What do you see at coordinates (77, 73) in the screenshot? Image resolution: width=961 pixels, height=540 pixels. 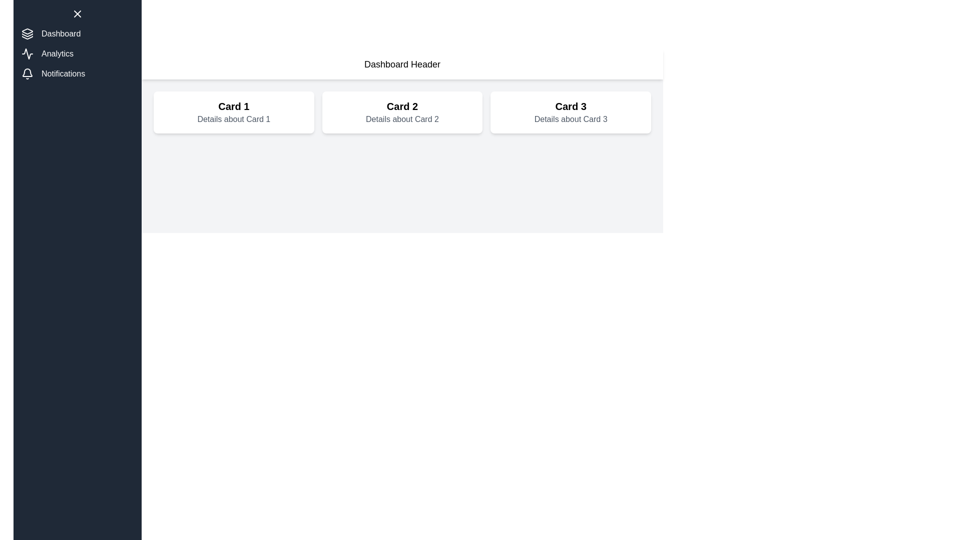 I see `the third menu item in the vertical navigation bar` at bounding box center [77, 73].